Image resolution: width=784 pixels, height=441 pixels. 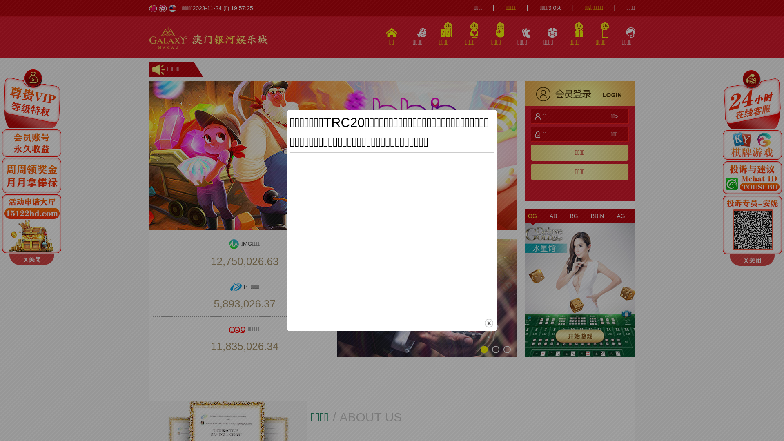 What do you see at coordinates (621, 215) in the screenshot?
I see `'AG'` at bounding box center [621, 215].